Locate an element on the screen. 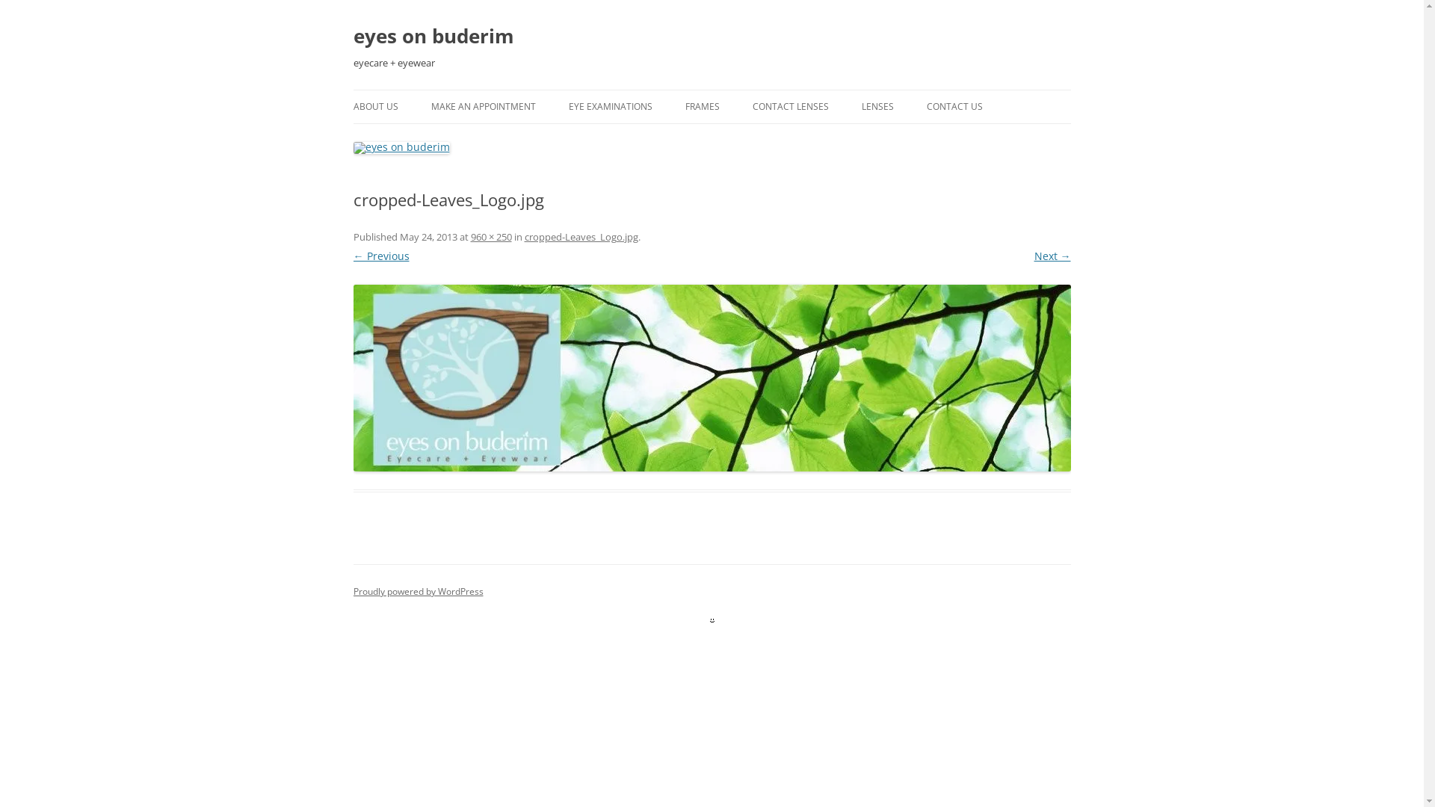 The image size is (1435, 807). 'cropped-Leaves_Logo.jpg' is located at coordinates (524, 235).